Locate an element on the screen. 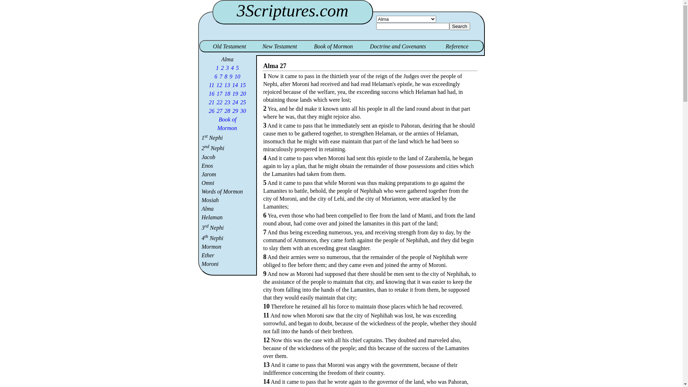  '1' is located at coordinates (217, 68).